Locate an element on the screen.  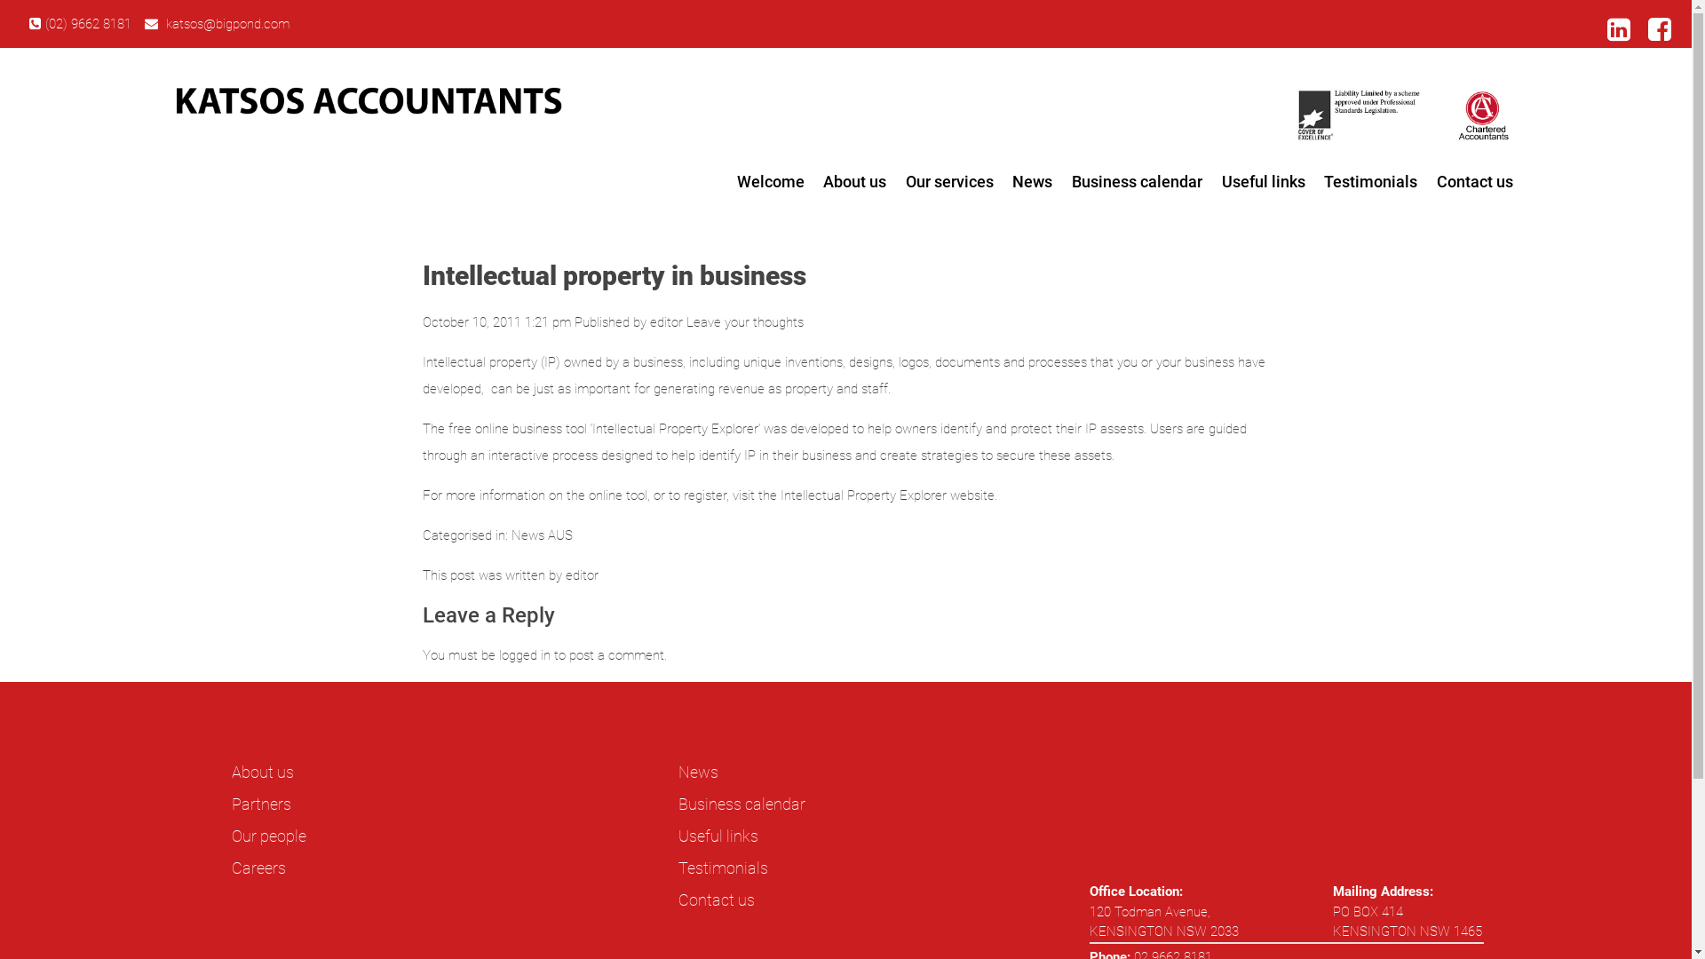
'Welcome' is located at coordinates (727, 181).